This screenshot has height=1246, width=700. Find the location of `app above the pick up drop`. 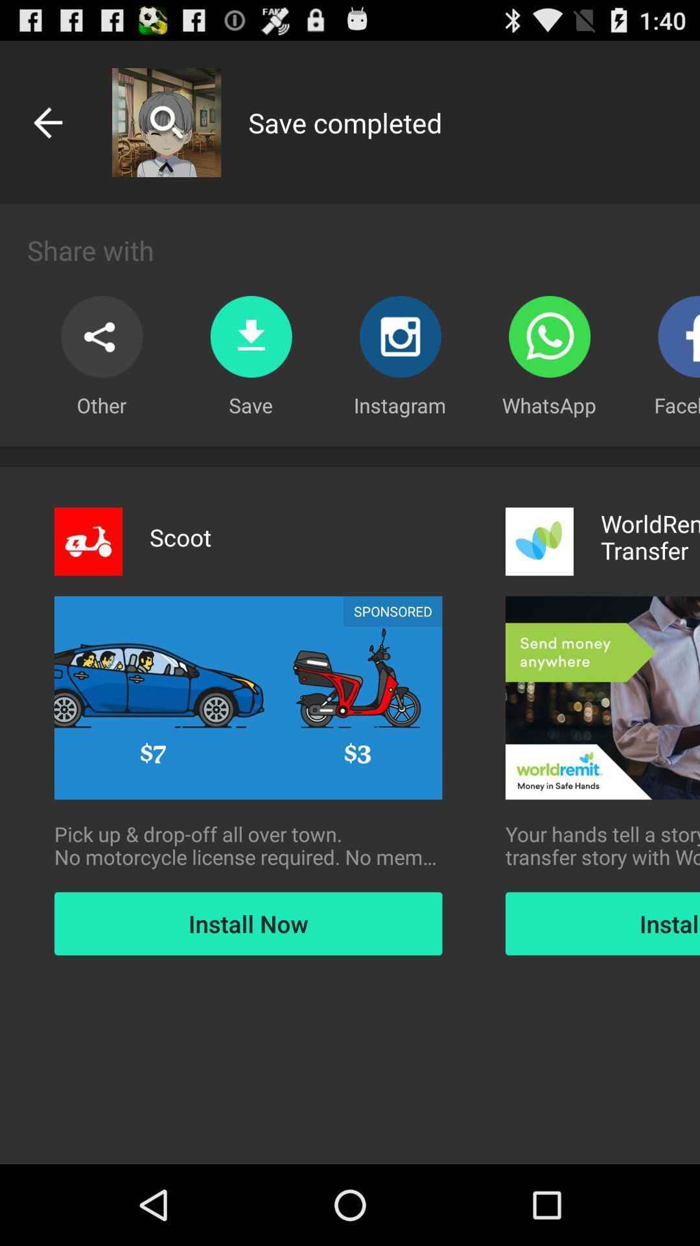

app above the pick up drop is located at coordinates (392, 611).